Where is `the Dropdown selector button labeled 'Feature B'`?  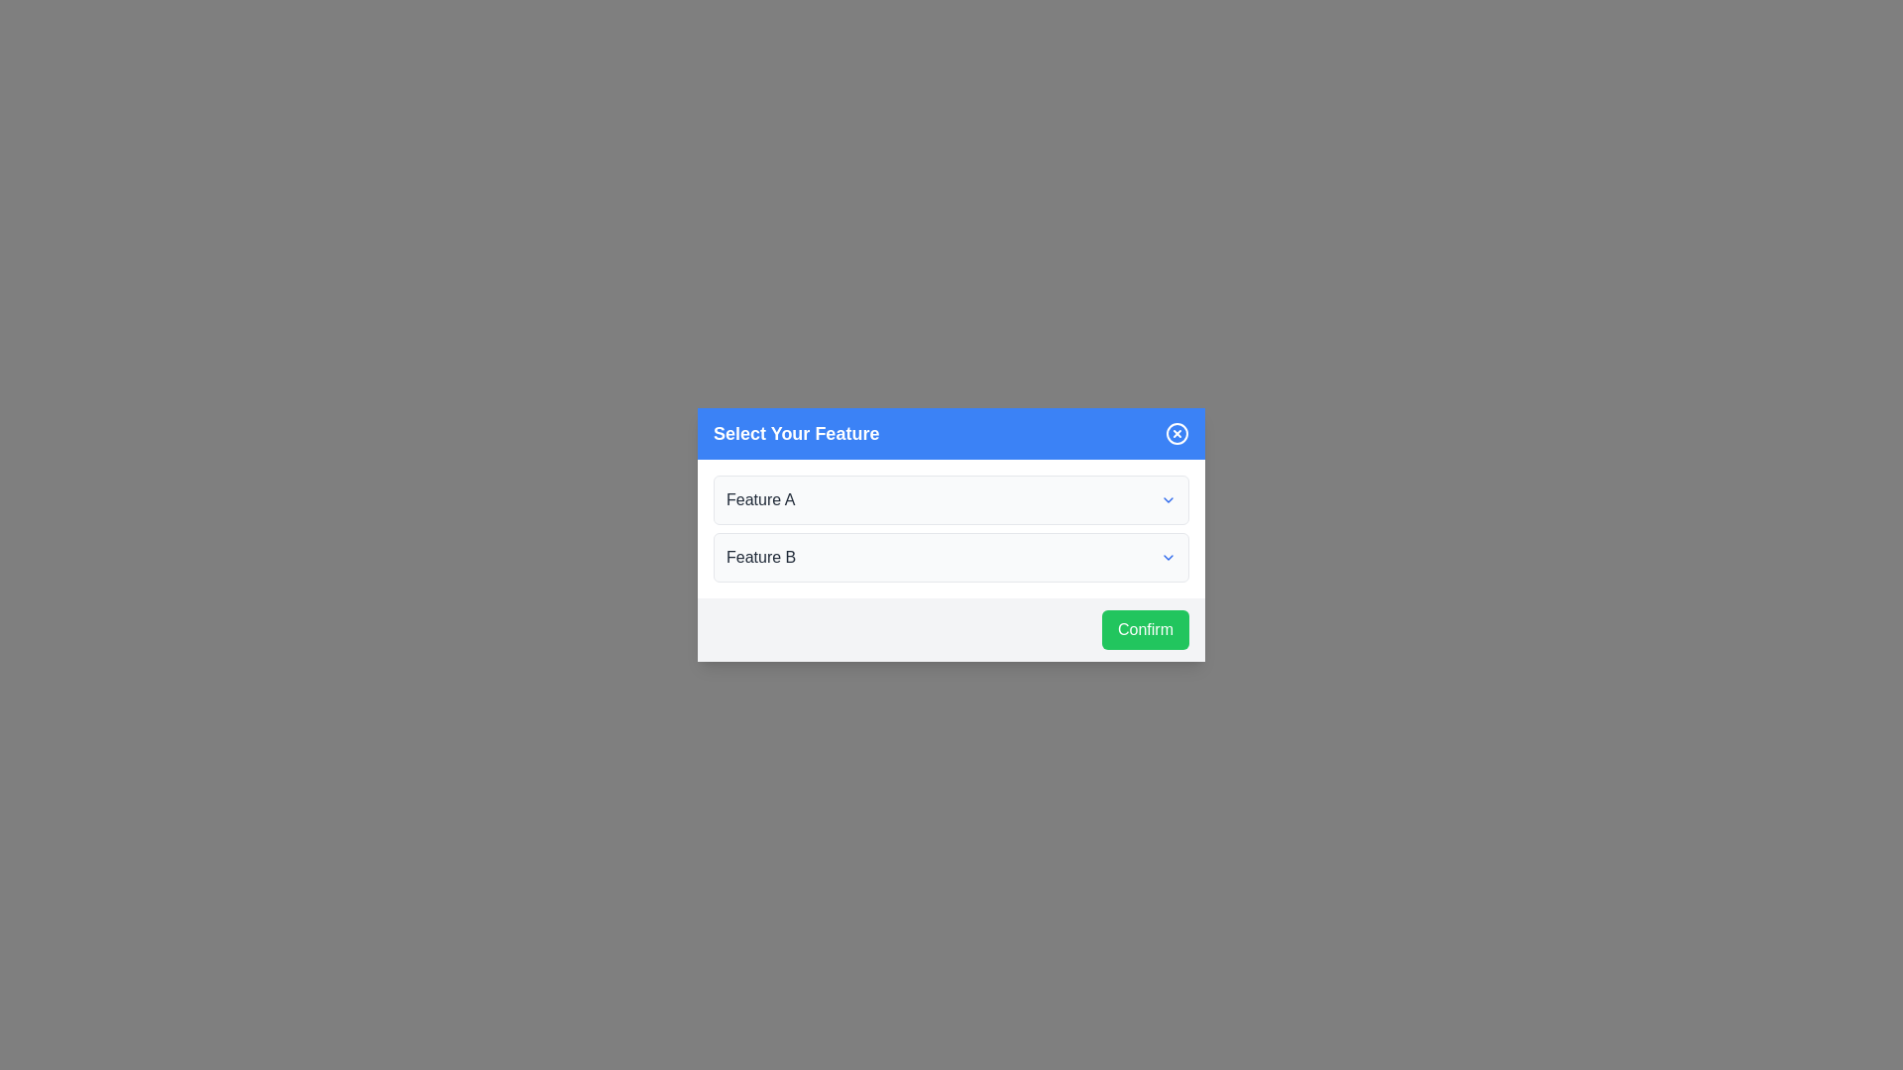 the Dropdown selector button labeled 'Feature B' is located at coordinates (951, 558).